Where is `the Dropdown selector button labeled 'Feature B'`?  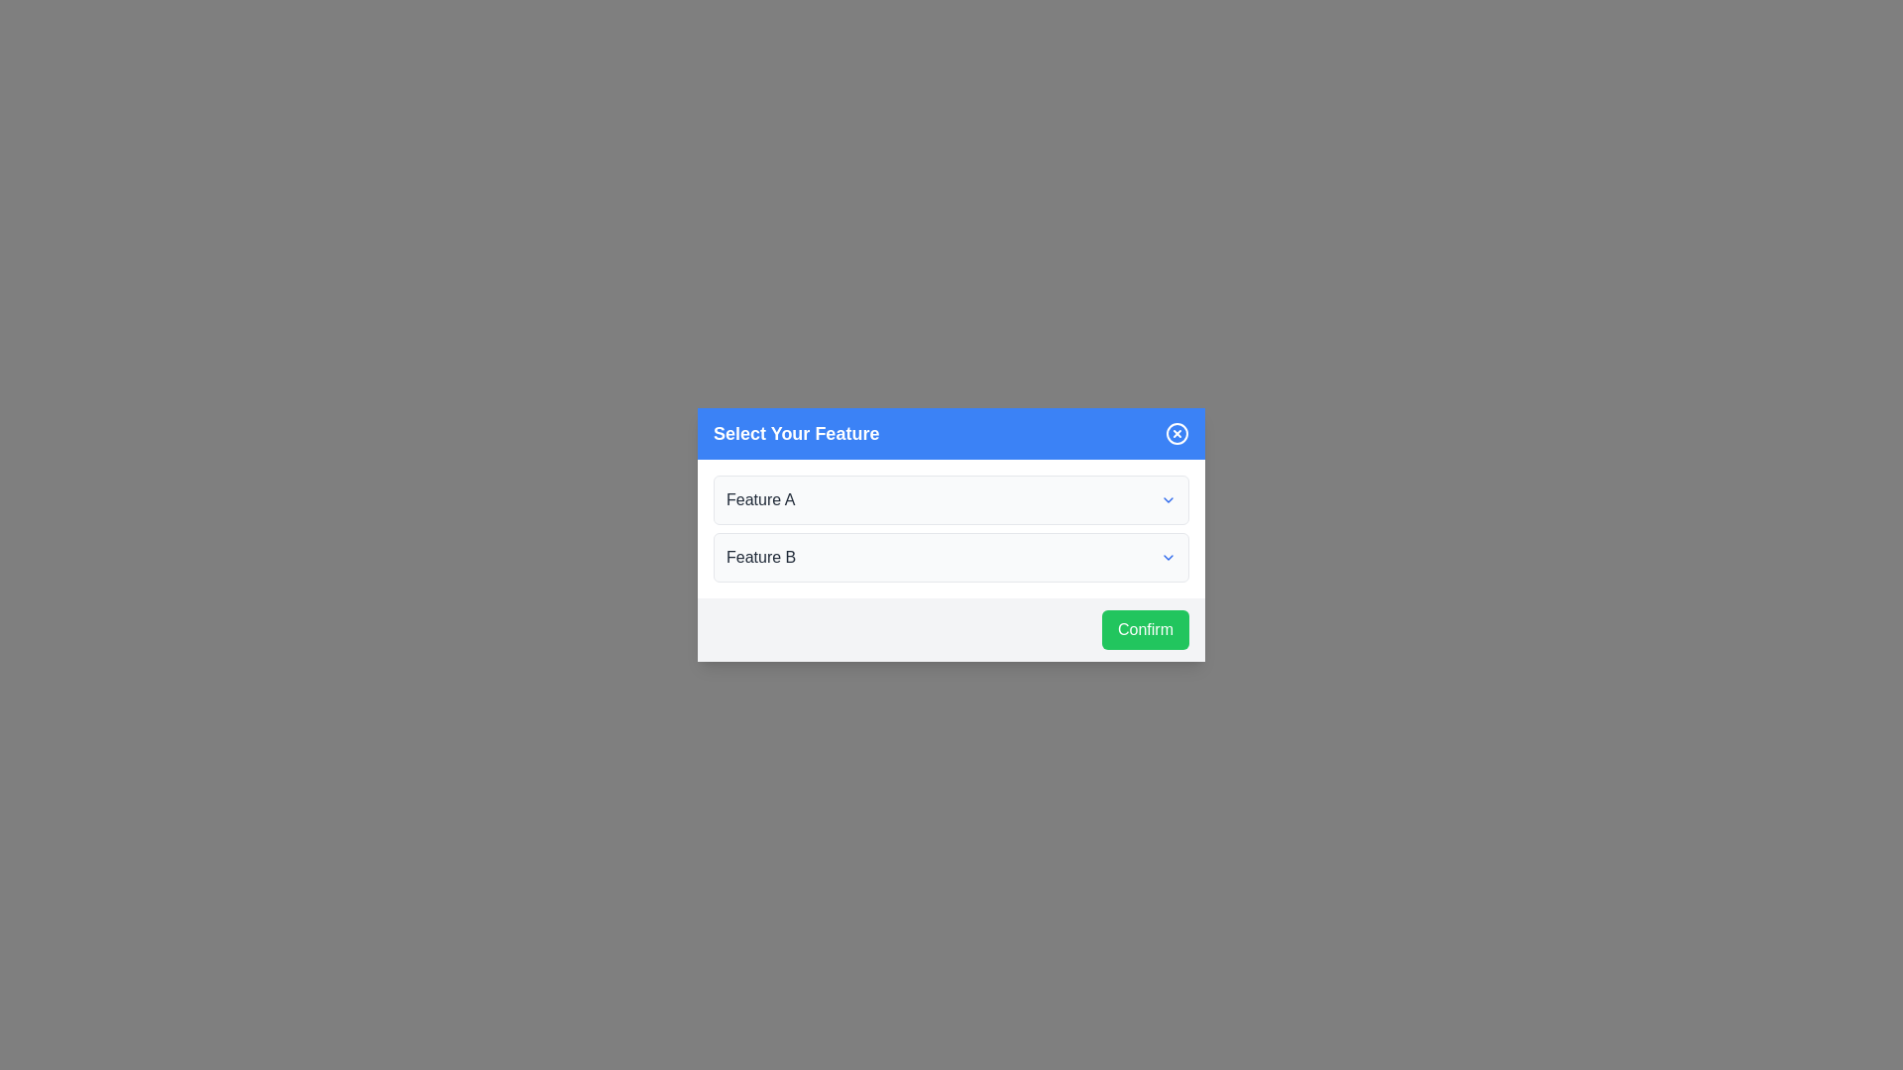 the Dropdown selector button labeled 'Feature B' is located at coordinates (951, 558).